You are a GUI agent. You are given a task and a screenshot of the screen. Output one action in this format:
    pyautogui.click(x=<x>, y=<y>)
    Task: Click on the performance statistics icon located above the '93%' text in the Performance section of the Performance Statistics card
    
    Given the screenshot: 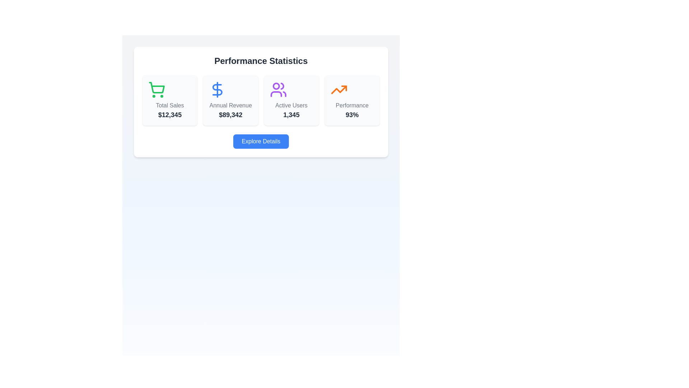 What is the action you would take?
    pyautogui.click(x=338, y=89)
    